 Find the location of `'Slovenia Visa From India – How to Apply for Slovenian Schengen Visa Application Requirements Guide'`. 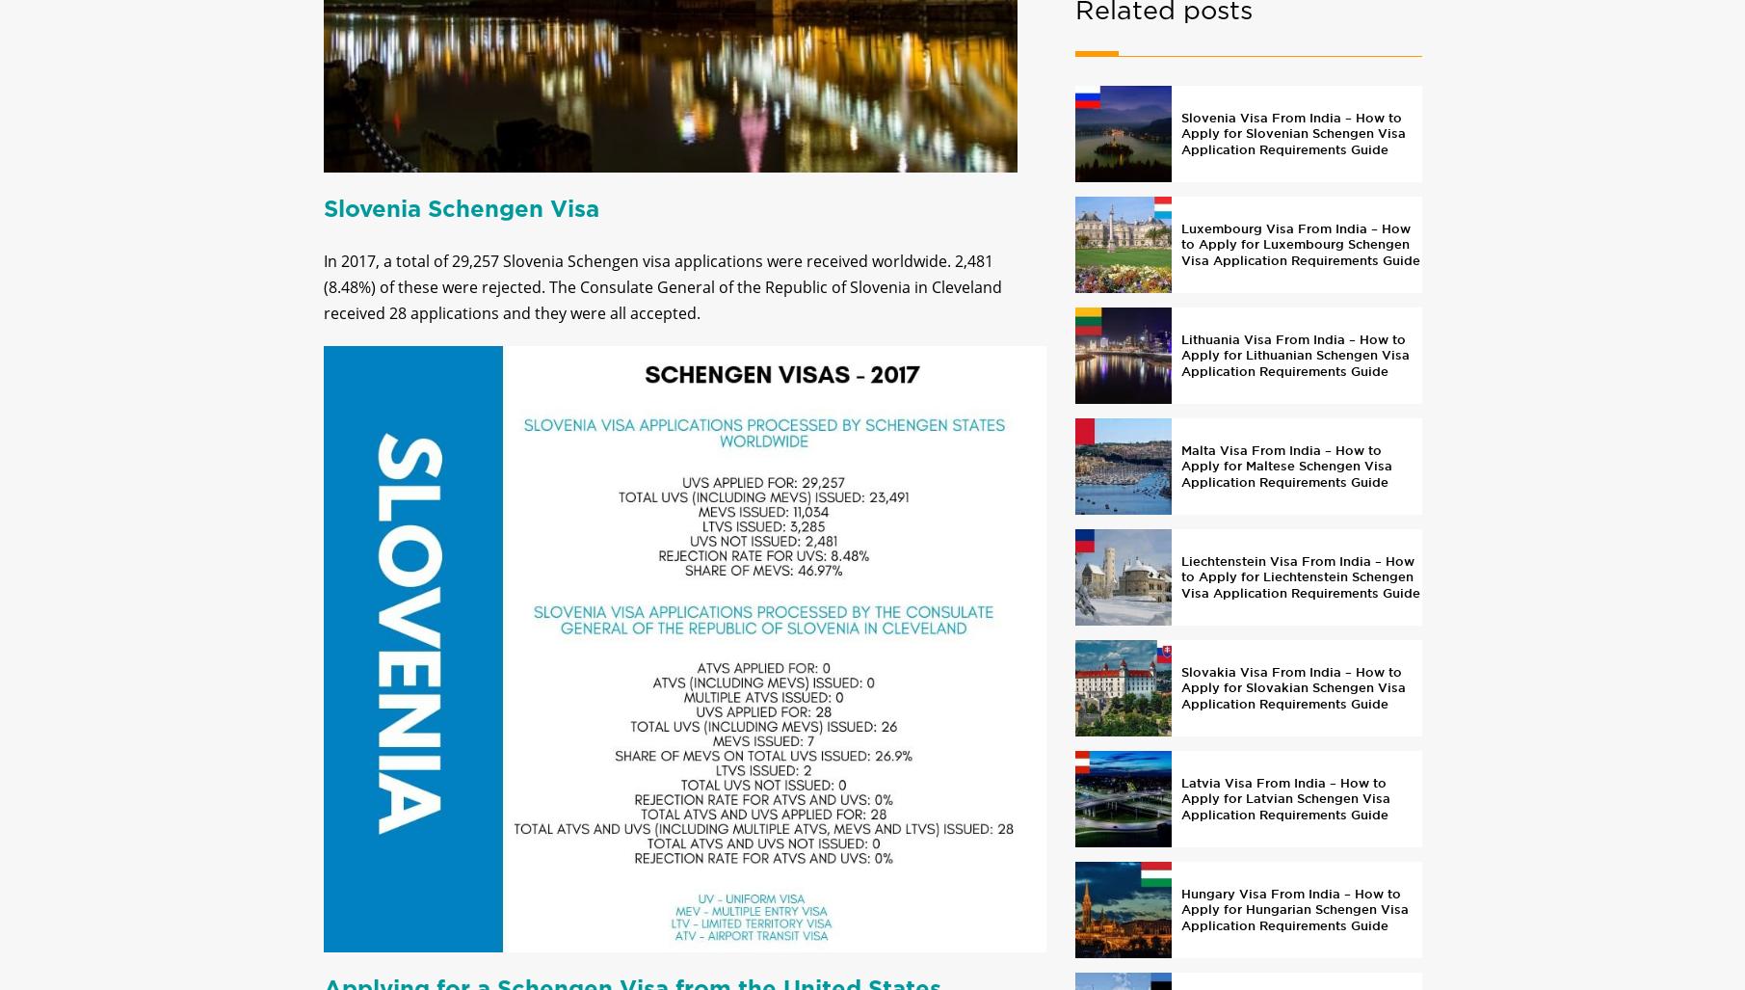

'Slovenia Visa From India – How to Apply for Slovenian Schengen Visa Application Requirements Guide' is located at coordinates (1291, 148).